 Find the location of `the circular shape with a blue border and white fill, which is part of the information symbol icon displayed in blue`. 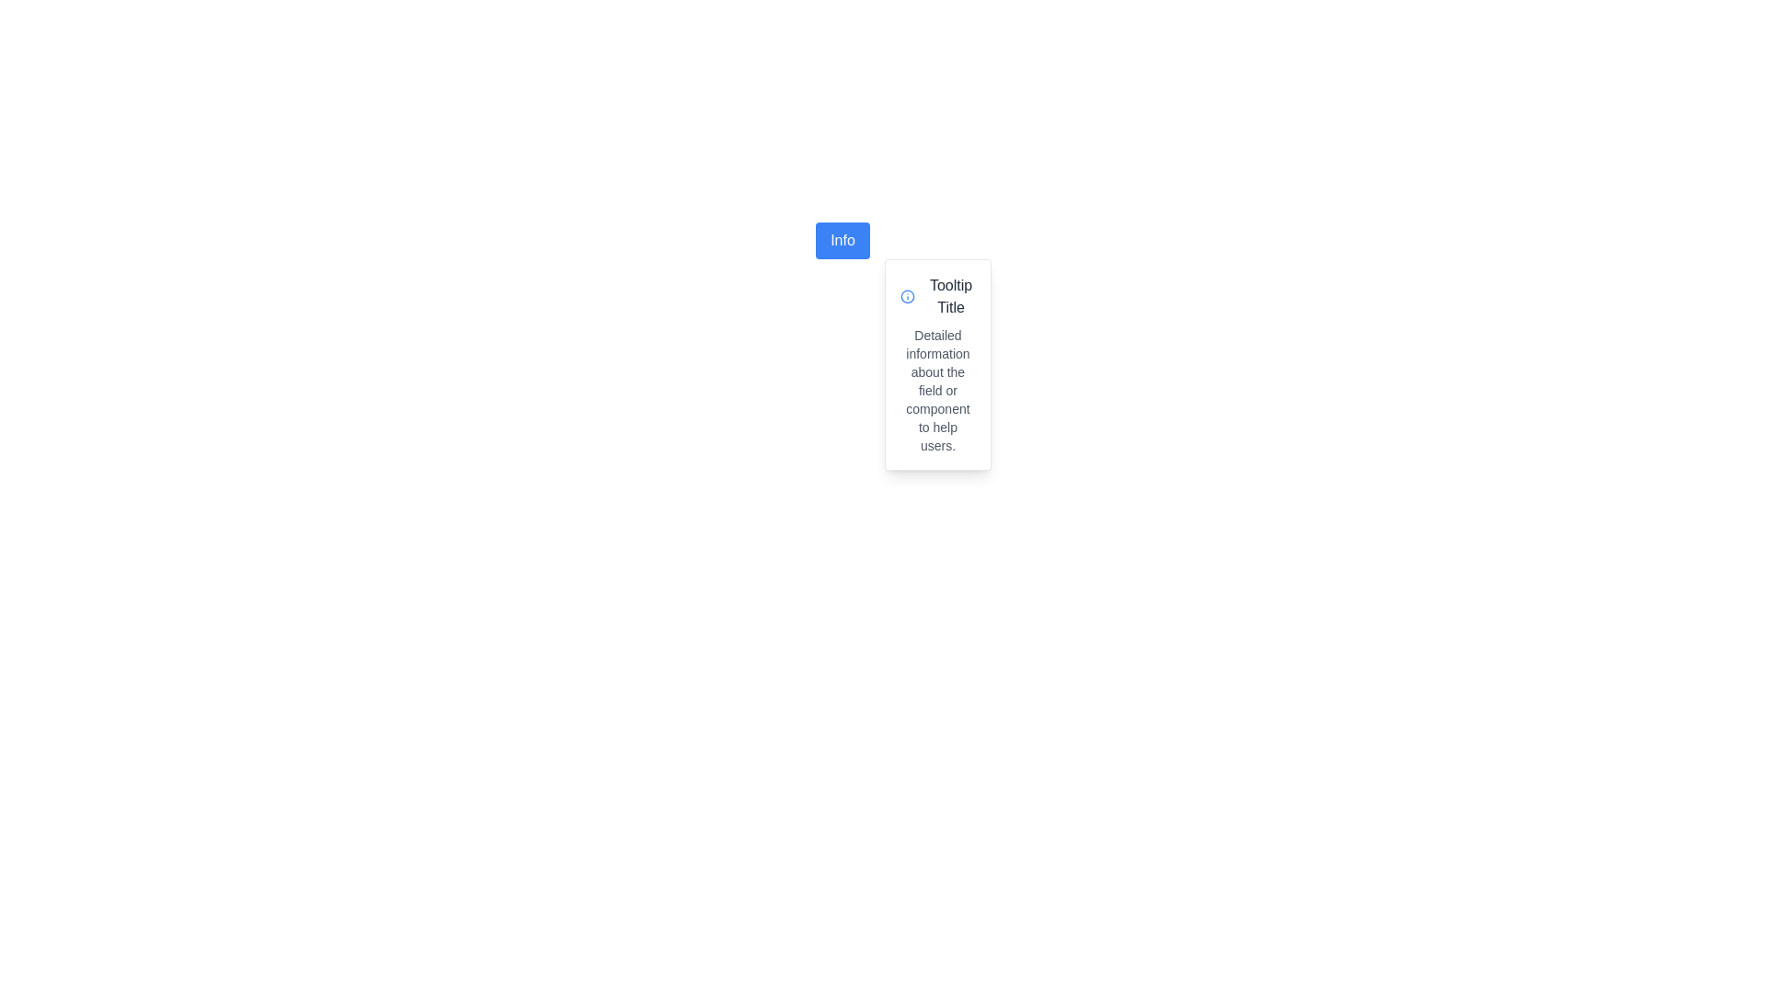

the circular shape with a blue border and white fill, which is part of the information symbol icon displayed in blue is located at coordinates (907, 296).